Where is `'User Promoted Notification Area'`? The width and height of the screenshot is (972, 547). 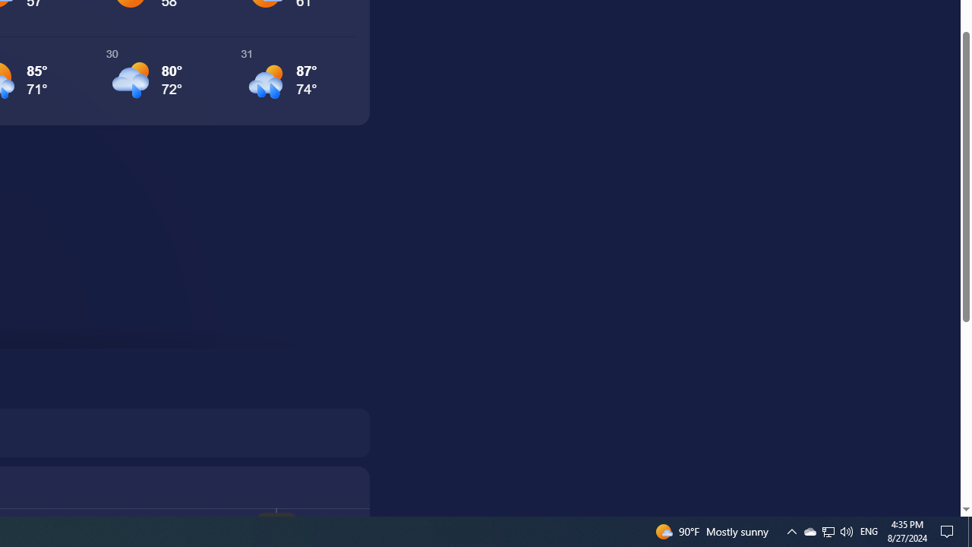 'User Promoted Notification Area' is located at coordinates (827, 530).